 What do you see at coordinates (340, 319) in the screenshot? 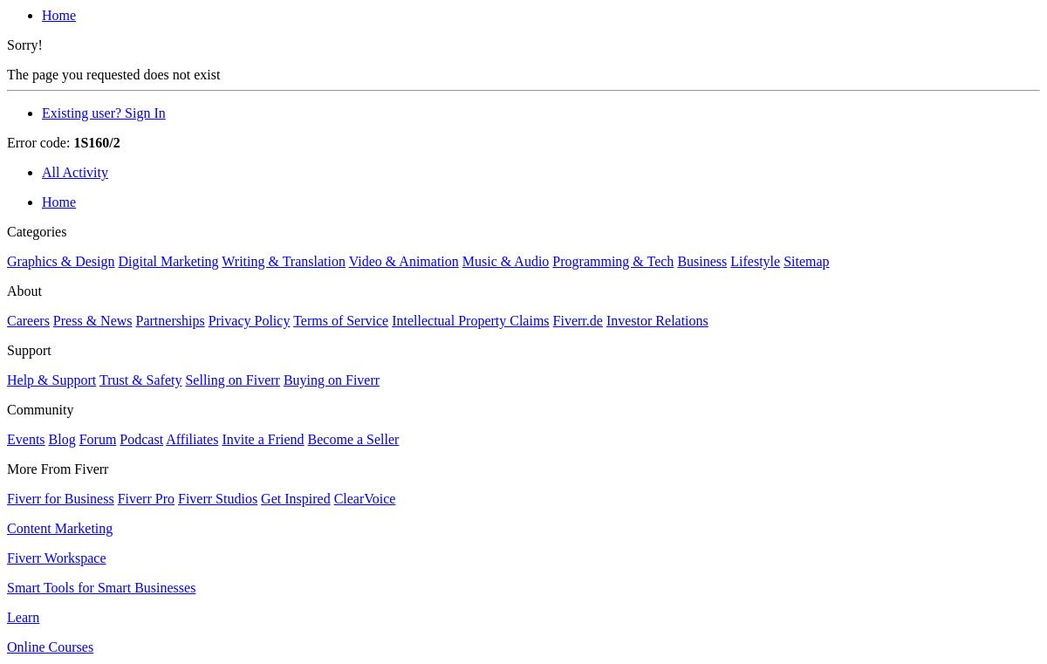
I see `'Terms of Service'` at bounding box center [340, 319].